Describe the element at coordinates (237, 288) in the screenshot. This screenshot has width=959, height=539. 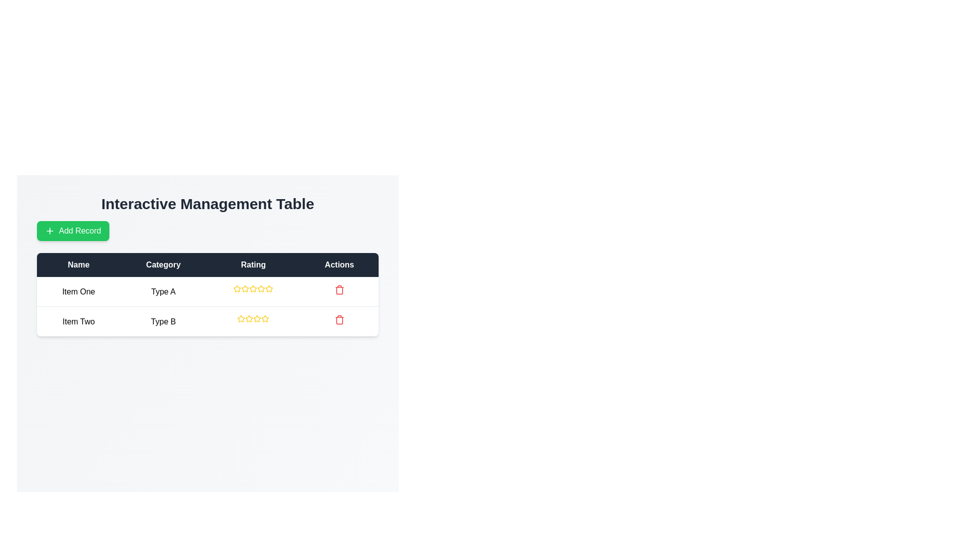
I see `the first Rating Star Icon under the 'Rating' column for 'Item One'` at that location.